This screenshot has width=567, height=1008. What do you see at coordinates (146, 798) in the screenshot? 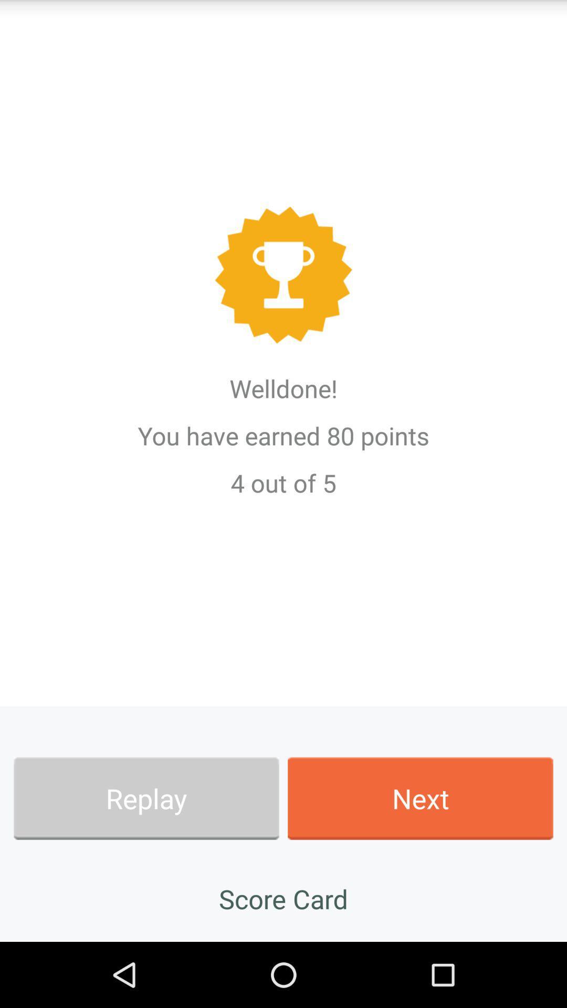
I see `the app at the bottom left corner` at bounding box center [146, 798].